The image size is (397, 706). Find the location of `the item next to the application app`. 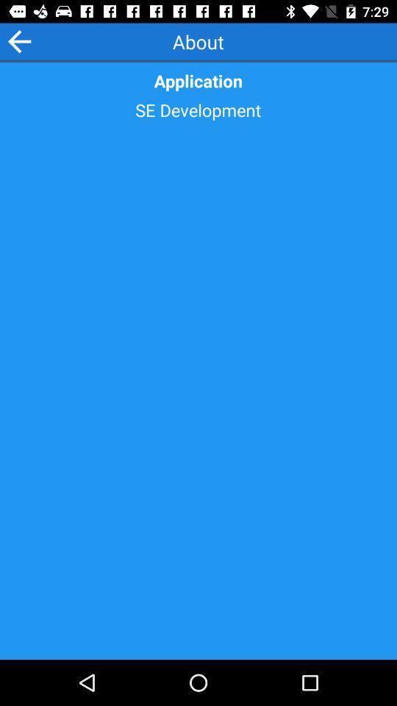

the item next to the application app is located at coordinates (18, 40).